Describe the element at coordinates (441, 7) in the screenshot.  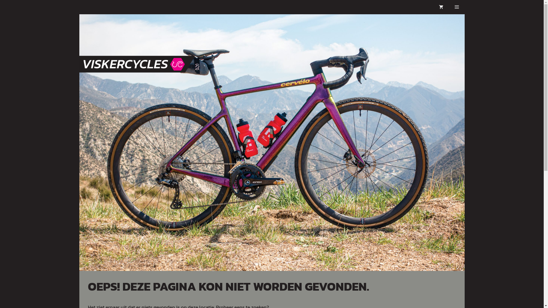
I see `'Bekijk je winkelmand'` at that location.